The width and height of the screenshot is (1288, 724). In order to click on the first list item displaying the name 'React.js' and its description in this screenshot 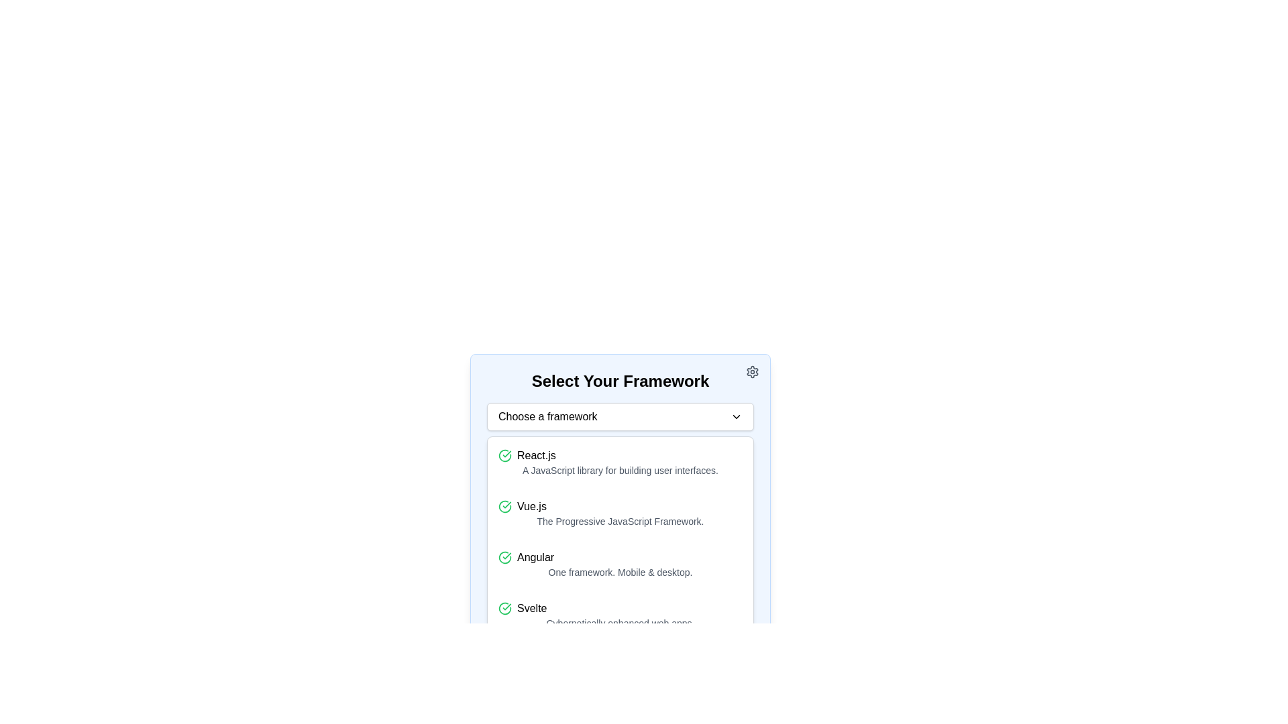, I will do `click(620, 462)`.